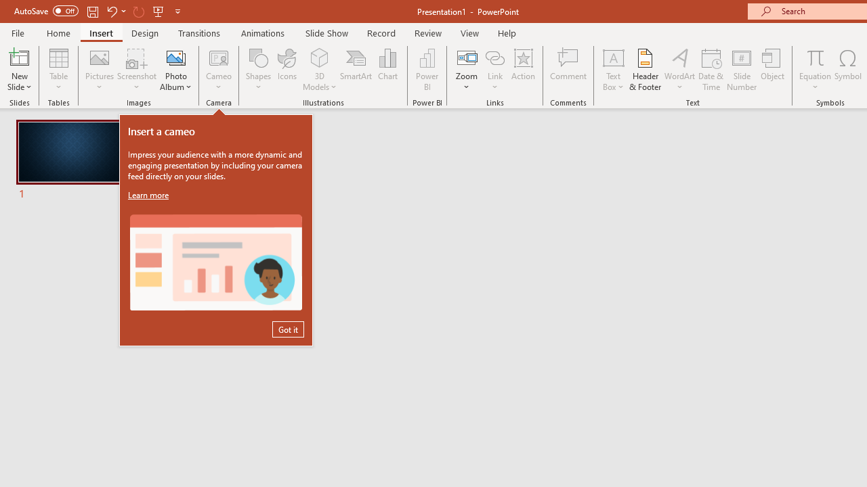 The width and height of the screenshot is (867, 487). What do you see at coordinates (356, 70) in the screenshot?
I see `'SmartArt...'` at bounding box center [356, 70].